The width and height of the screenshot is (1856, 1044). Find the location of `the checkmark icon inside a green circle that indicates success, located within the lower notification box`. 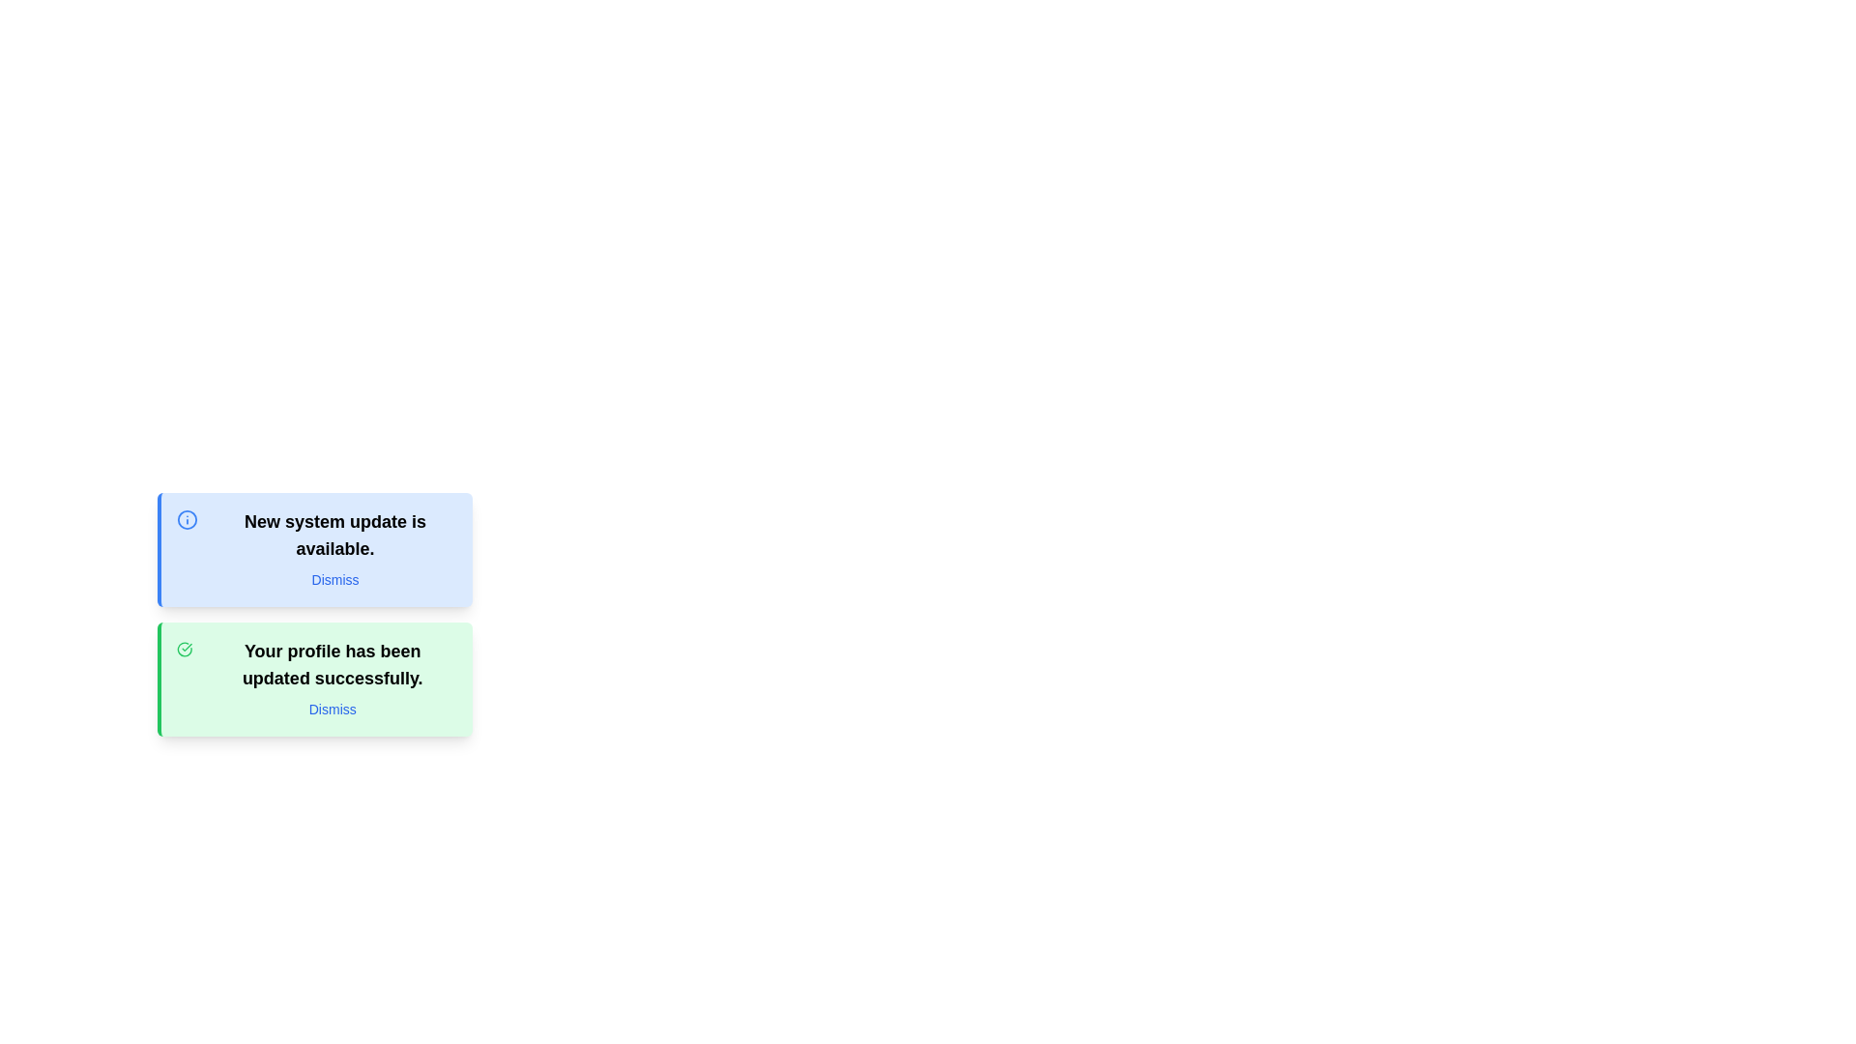

the checkmark icon inside a green circle that indicates success, located within the lower notification box is located at coordinates (185, 649).